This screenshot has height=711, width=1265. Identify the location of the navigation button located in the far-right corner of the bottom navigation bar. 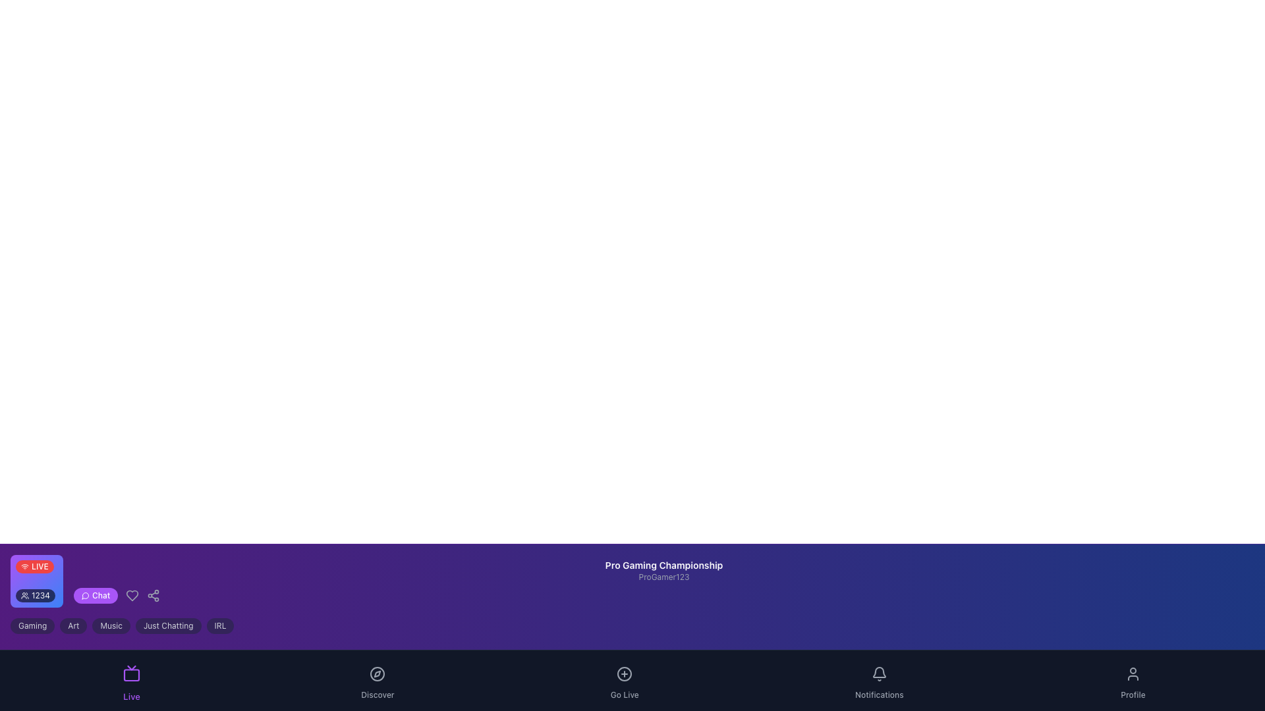
(1132, 680).